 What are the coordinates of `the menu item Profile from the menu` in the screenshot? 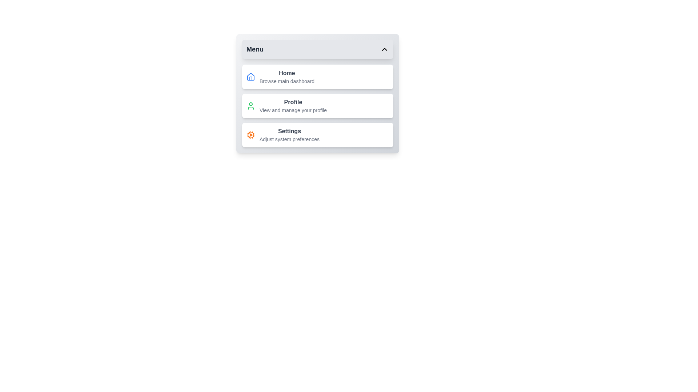 It's located at (317, 106).